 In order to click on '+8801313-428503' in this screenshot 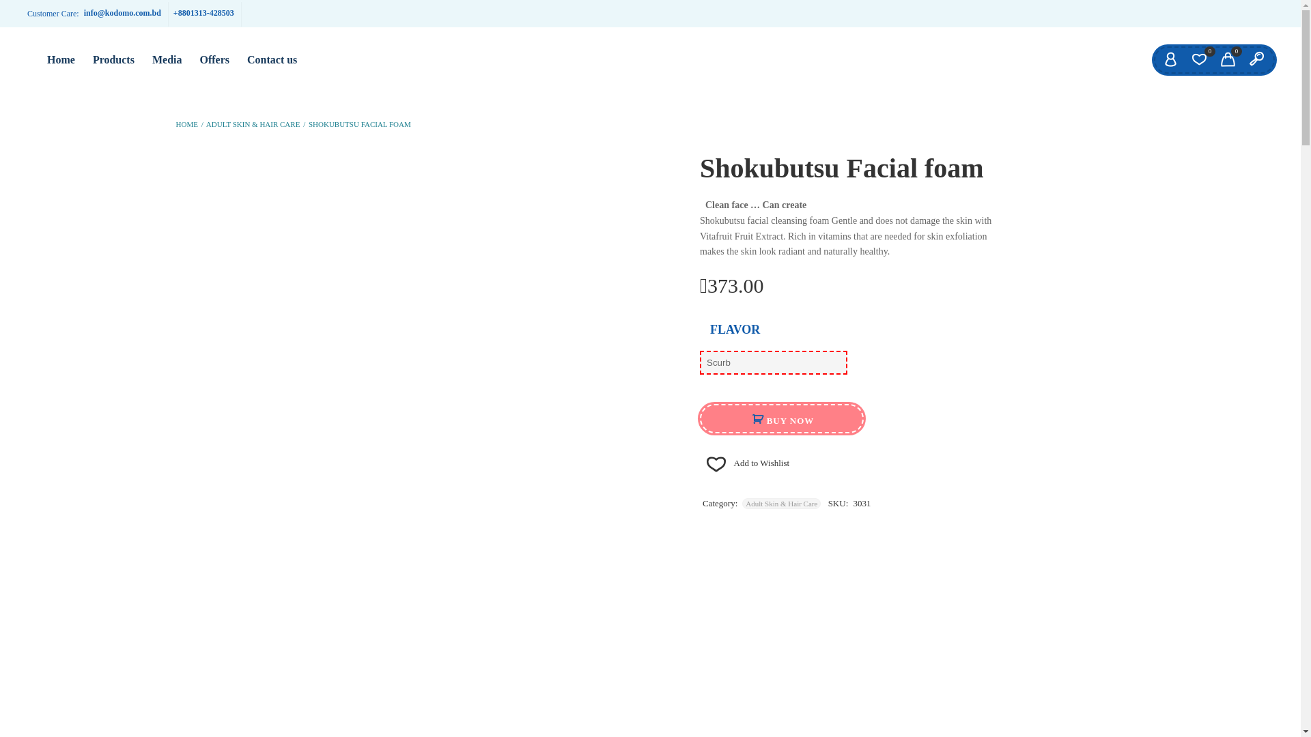, I will do `click(203, 13)`.